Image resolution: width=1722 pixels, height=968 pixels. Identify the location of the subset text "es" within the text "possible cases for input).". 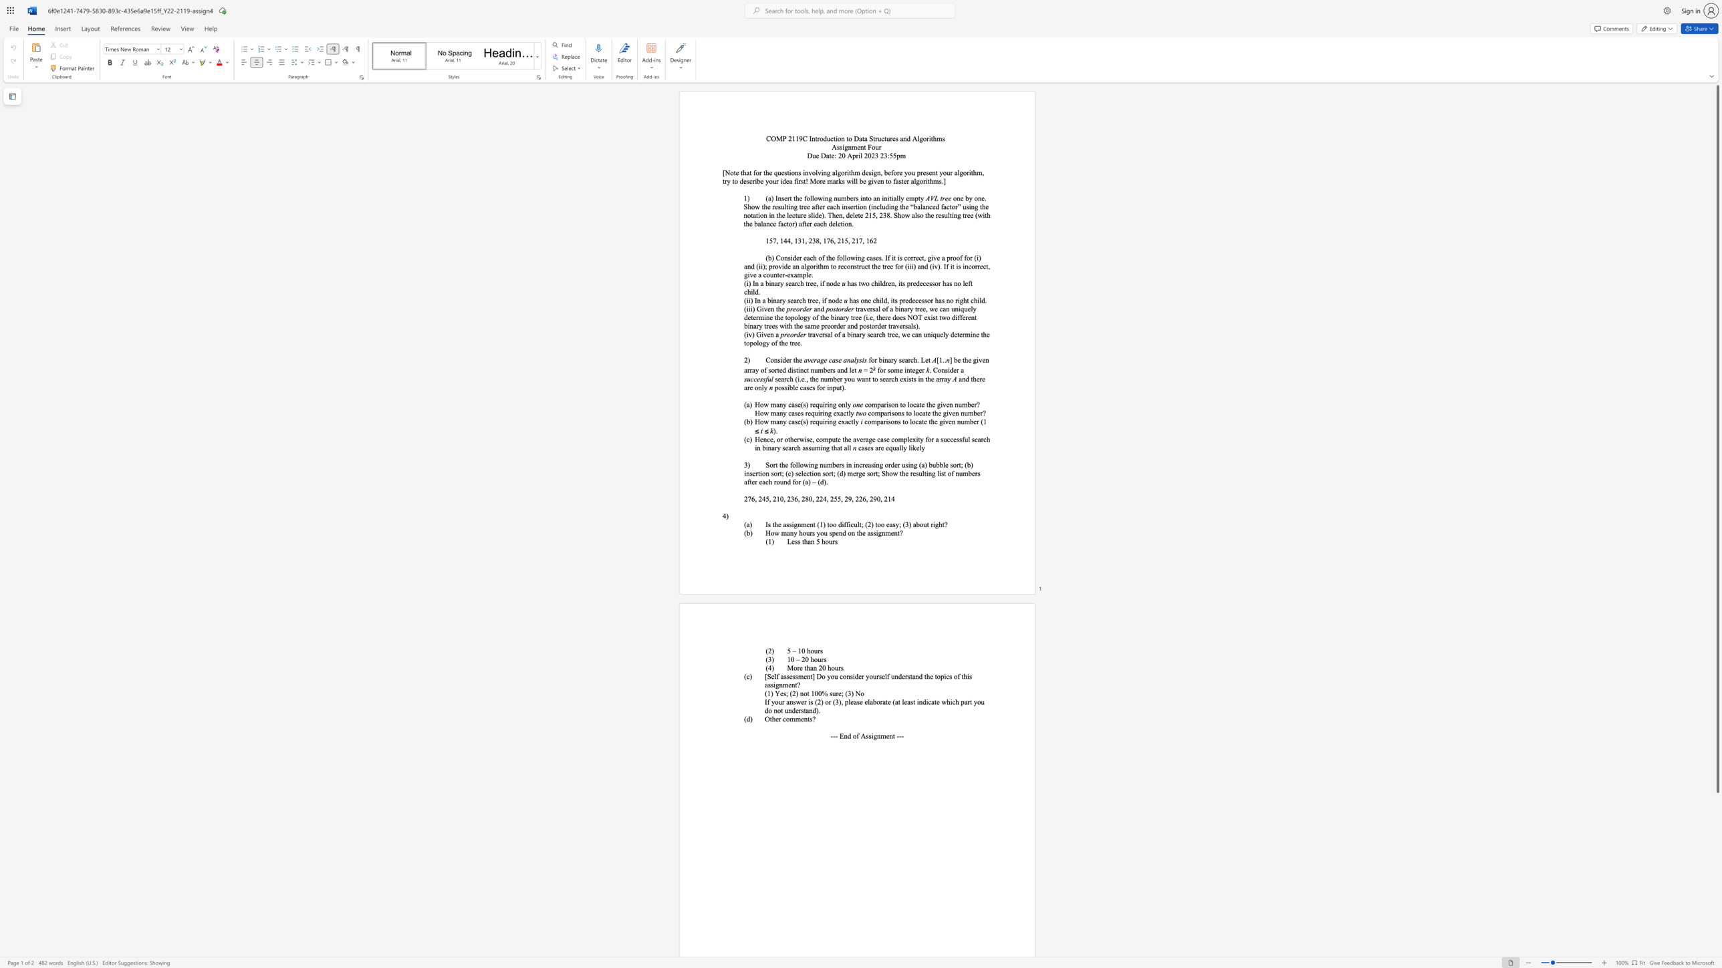
(809, 387).